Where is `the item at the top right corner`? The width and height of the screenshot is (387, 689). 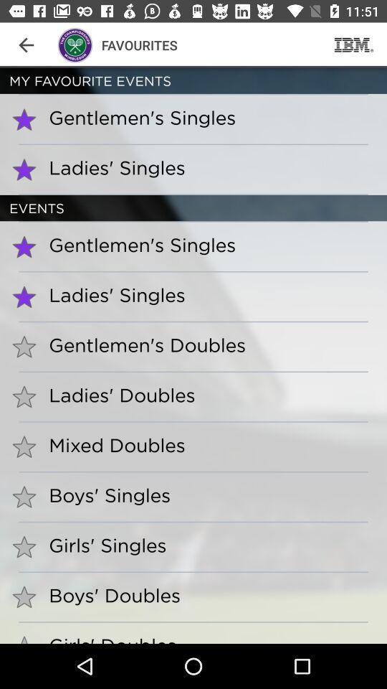 the item at the top right corner is located at coordinates (353, 44).